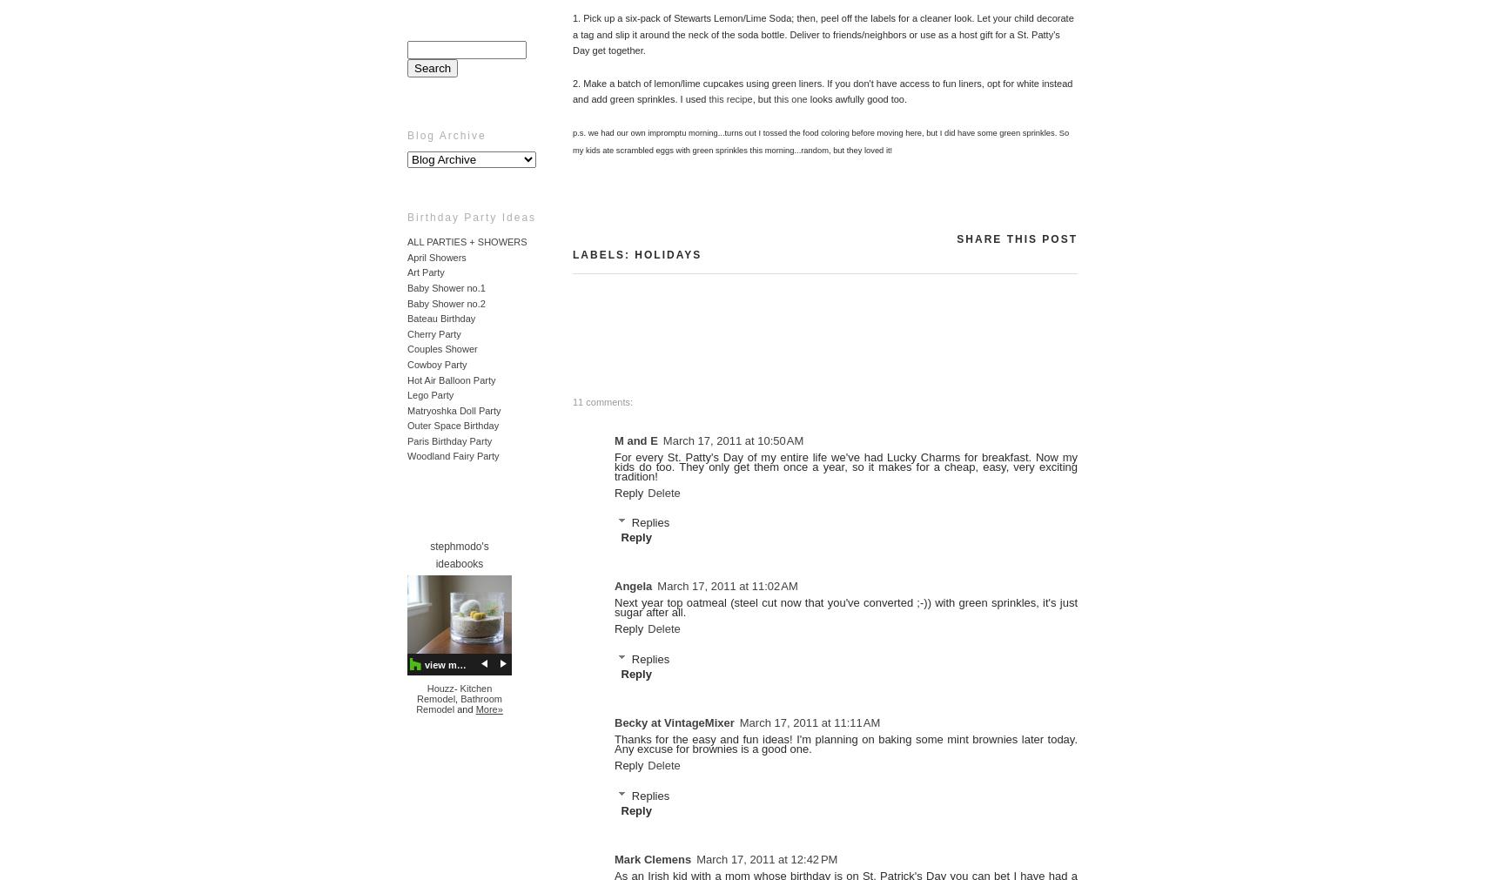 Image resolution: width=1485 pixels, height=880 pixels. I want to click on 'For every St. Patty's Day of my entire life we've had Lucky Charms for breakfast.  Now my kids do too.  They only get them once a year, so it makes for a cheap, easy, very exciting tradition!', so click(846, 466).